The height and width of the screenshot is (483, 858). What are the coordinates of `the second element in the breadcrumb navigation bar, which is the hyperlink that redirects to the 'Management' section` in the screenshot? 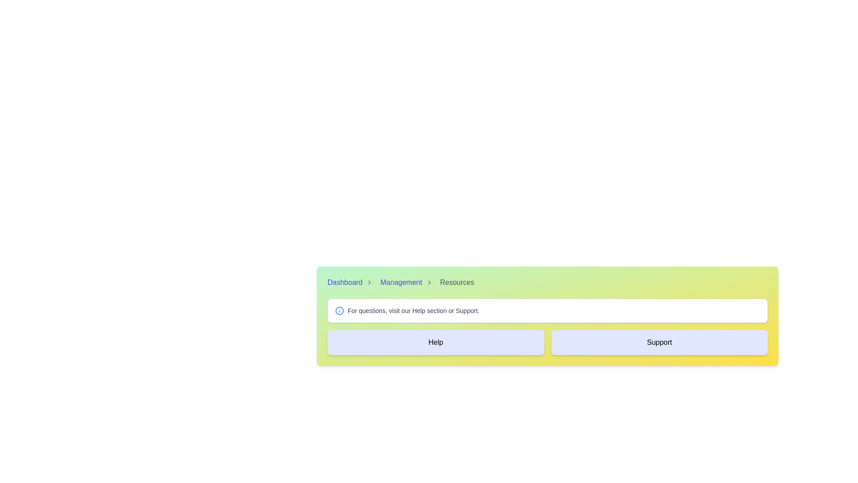 It's located at (400, 283).